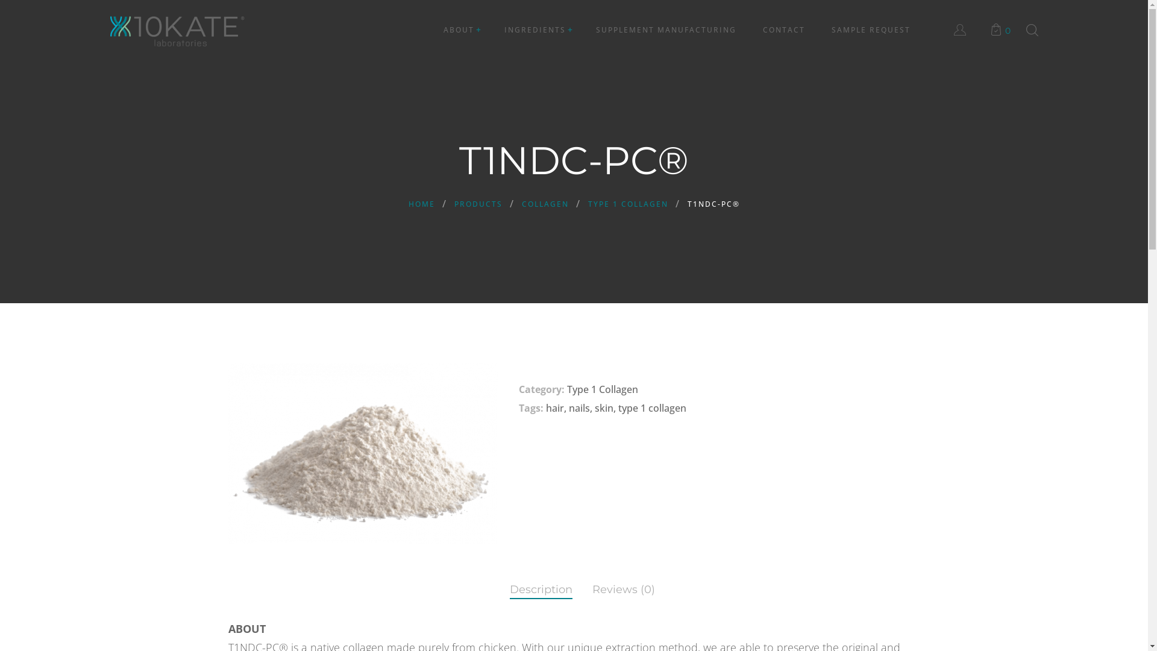 Image resolution: width=1157 pixels, height=651 pixels. What do you see at coordinates (540, 587) in the screenshot?
I see `'Description'` at bounding box center [540, 587].